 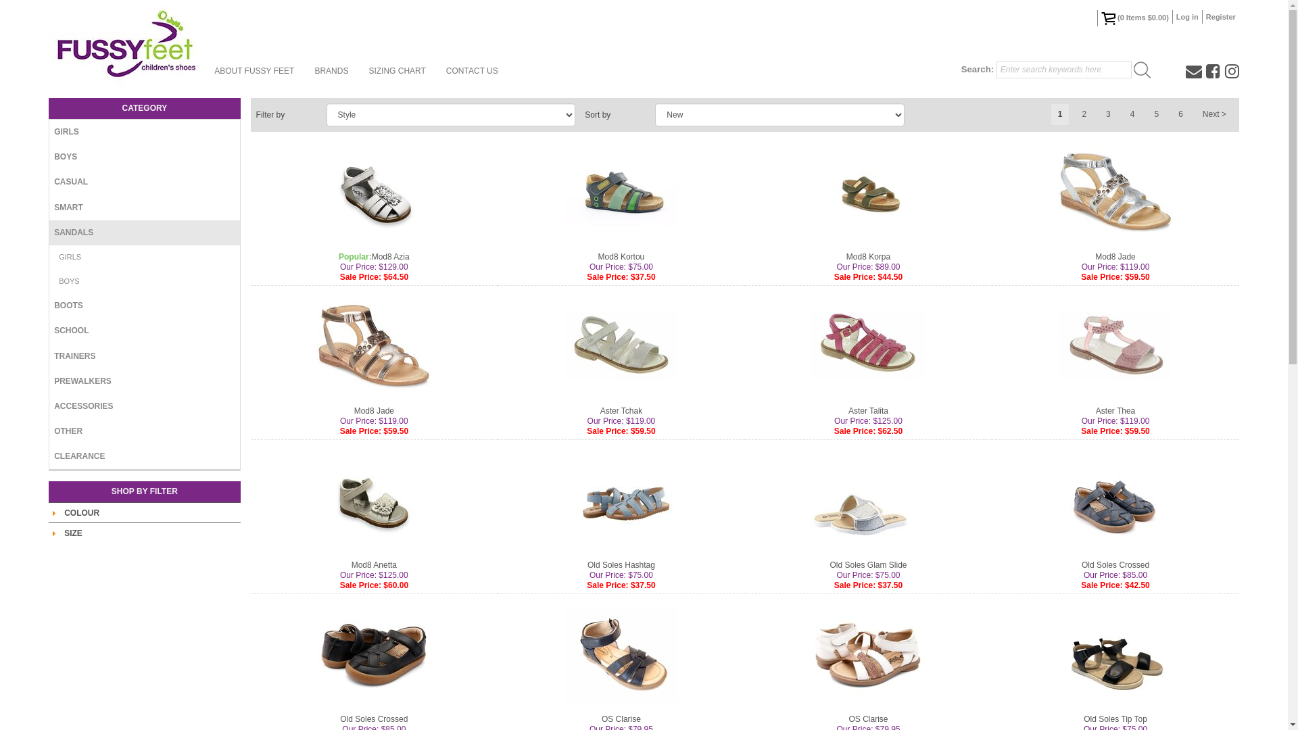 What do you see at coordinates (1115, 565) in the screenshot?
I see `'Old Soles Crossed'` at bounding box center [1115, 565].